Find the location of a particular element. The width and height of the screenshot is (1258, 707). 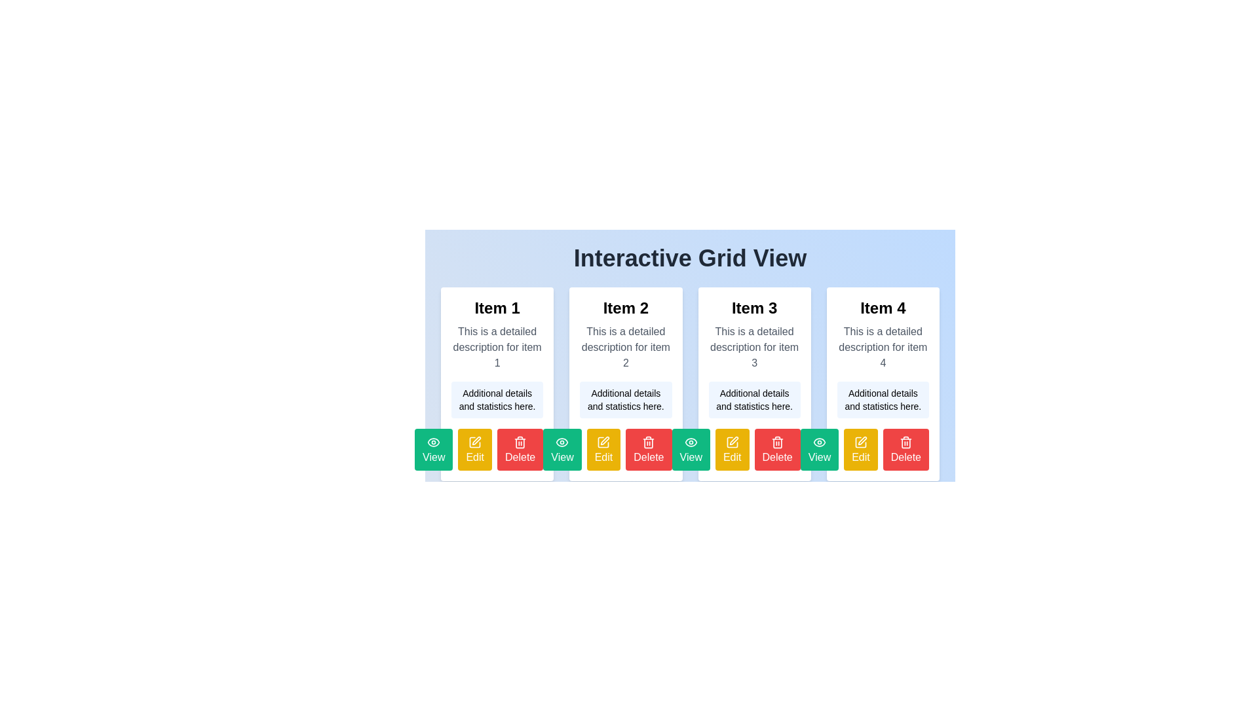

the 'Delete' button on the Card with action buttons that contains the title 'Item 6' and is located in the second row, second column of the grid layout is located at coordinates (625, 593).